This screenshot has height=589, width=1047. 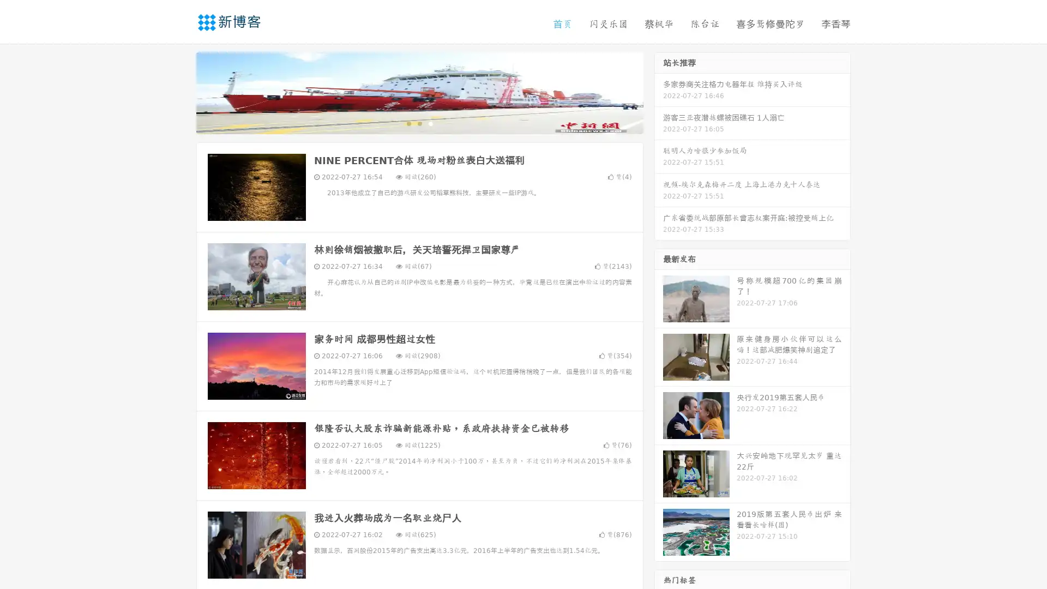 What do you see at coordinates (419, 123) in the screenshot?
I see `Go to slide 2` at bounding box center [419, 123].